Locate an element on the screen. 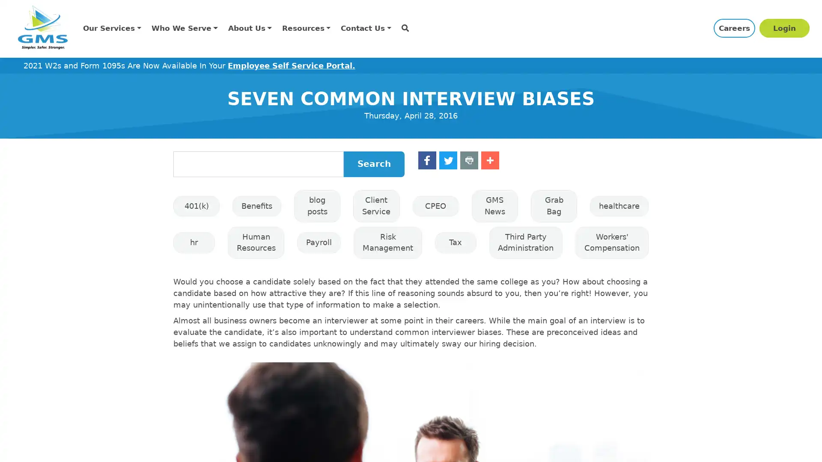  Search is located at coordinates (374, 165).